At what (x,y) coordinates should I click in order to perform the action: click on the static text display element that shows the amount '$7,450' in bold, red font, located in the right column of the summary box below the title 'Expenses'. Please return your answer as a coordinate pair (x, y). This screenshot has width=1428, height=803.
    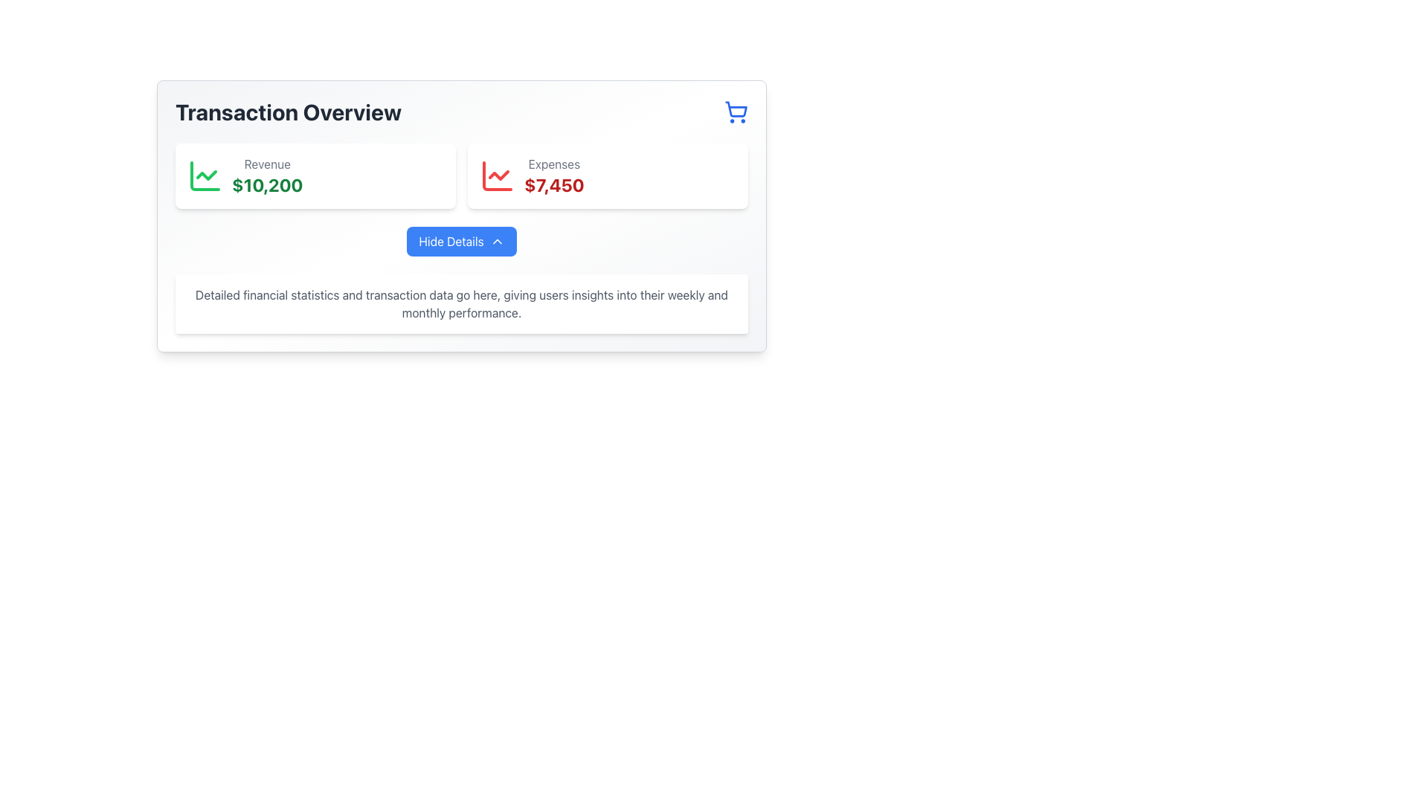
    Looking at the image, I should click on (553, 184).